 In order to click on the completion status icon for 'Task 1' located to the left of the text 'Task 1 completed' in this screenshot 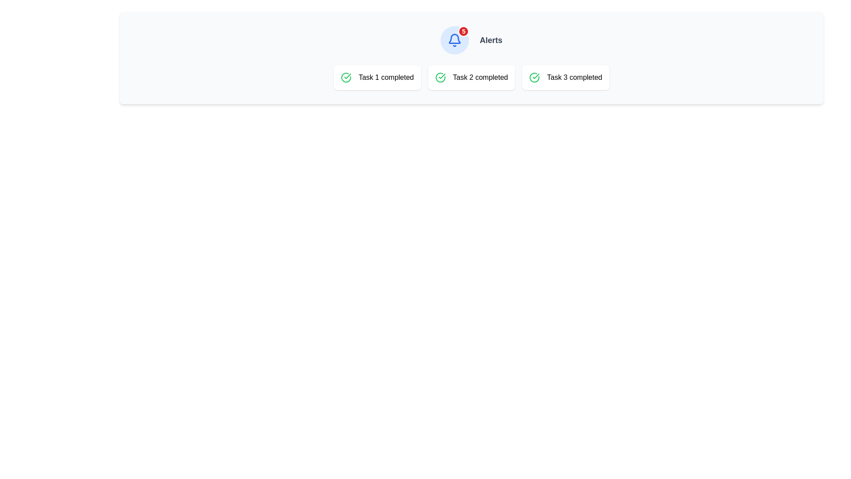, I will do `click(346, 77)`.